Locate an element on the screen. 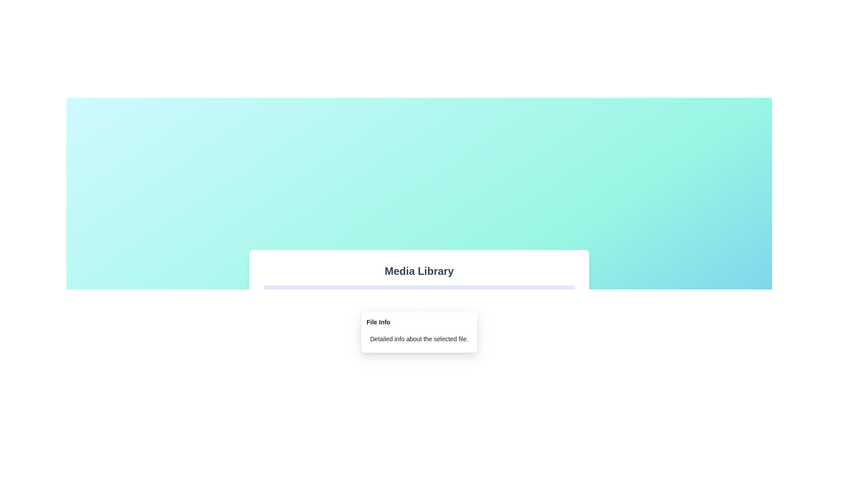 The height and width of the screenshot is (478, 850). the information icon represented by an indigo blue 'i' within a circle, positioned to the left of the 'File Details' text is located at coordinates (274, 296).